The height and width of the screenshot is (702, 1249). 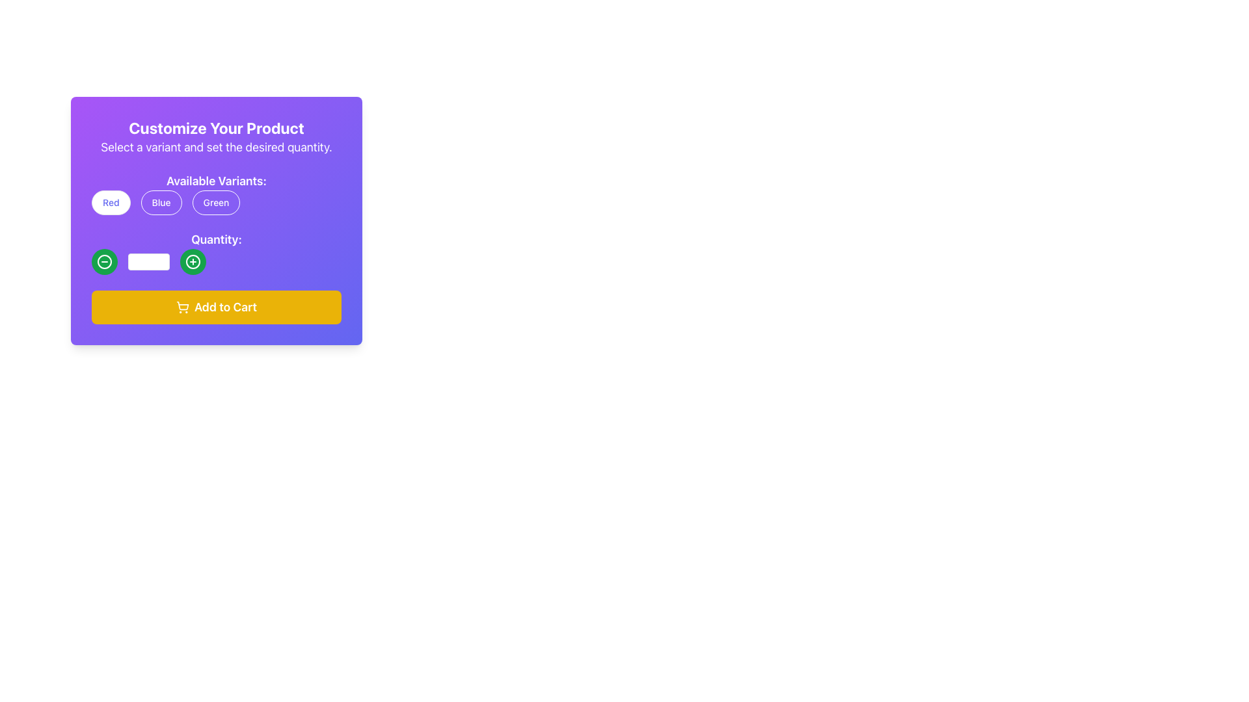 What do you see at coordinates (182, 305) in the screenshot?
I see `the shopping cart icon within the 'Add to Cart' button, which is part of the modal window titled 'Customize Your Product'` at bounding box center [182, 305].